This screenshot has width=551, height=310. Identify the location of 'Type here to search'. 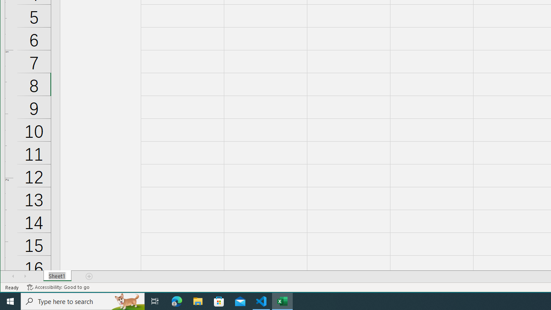
(83, 301).